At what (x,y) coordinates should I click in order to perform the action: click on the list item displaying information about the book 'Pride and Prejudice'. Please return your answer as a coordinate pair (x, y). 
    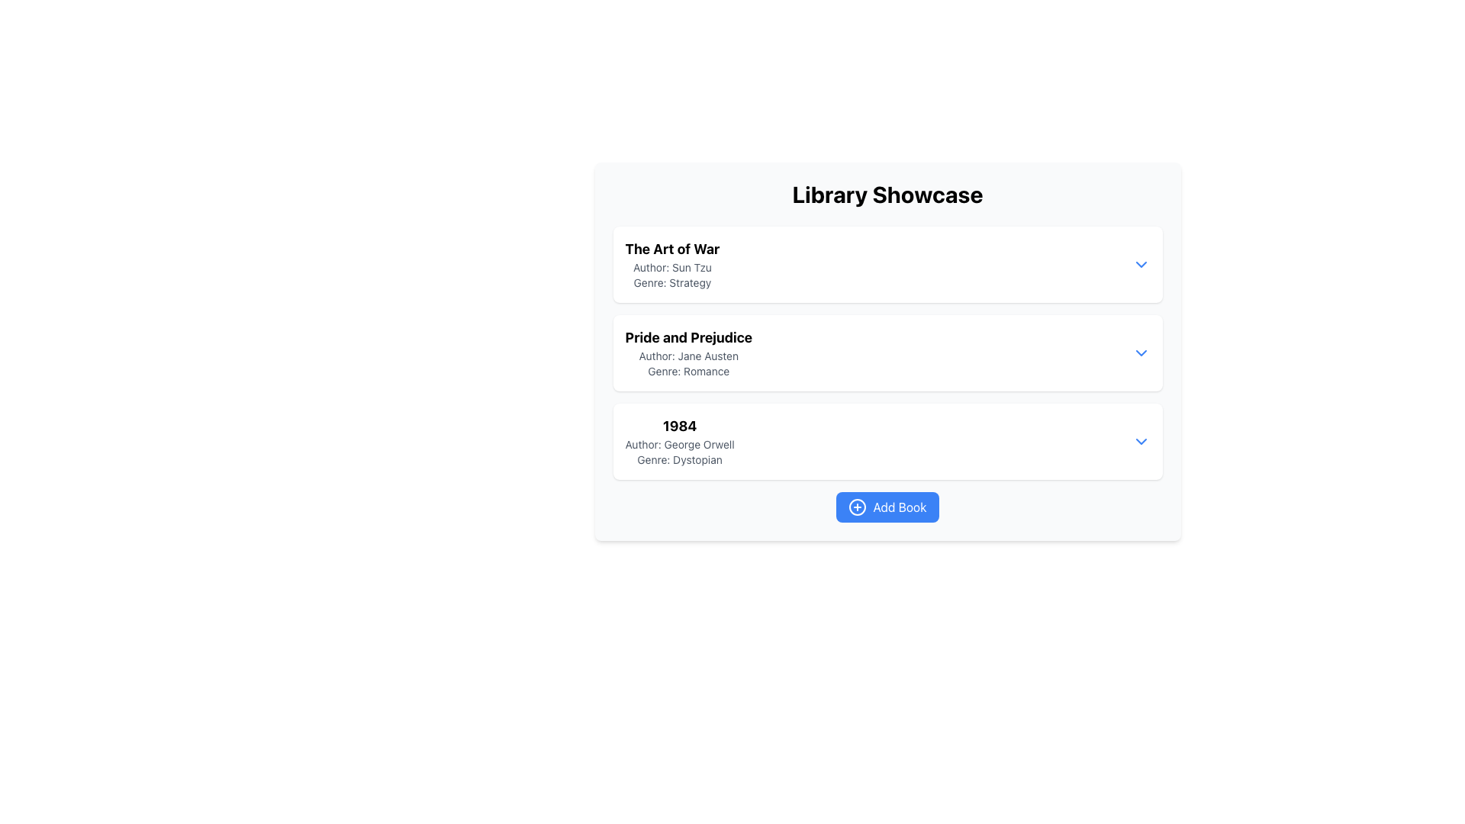
    Looking at the image, I should click on (887, 374).